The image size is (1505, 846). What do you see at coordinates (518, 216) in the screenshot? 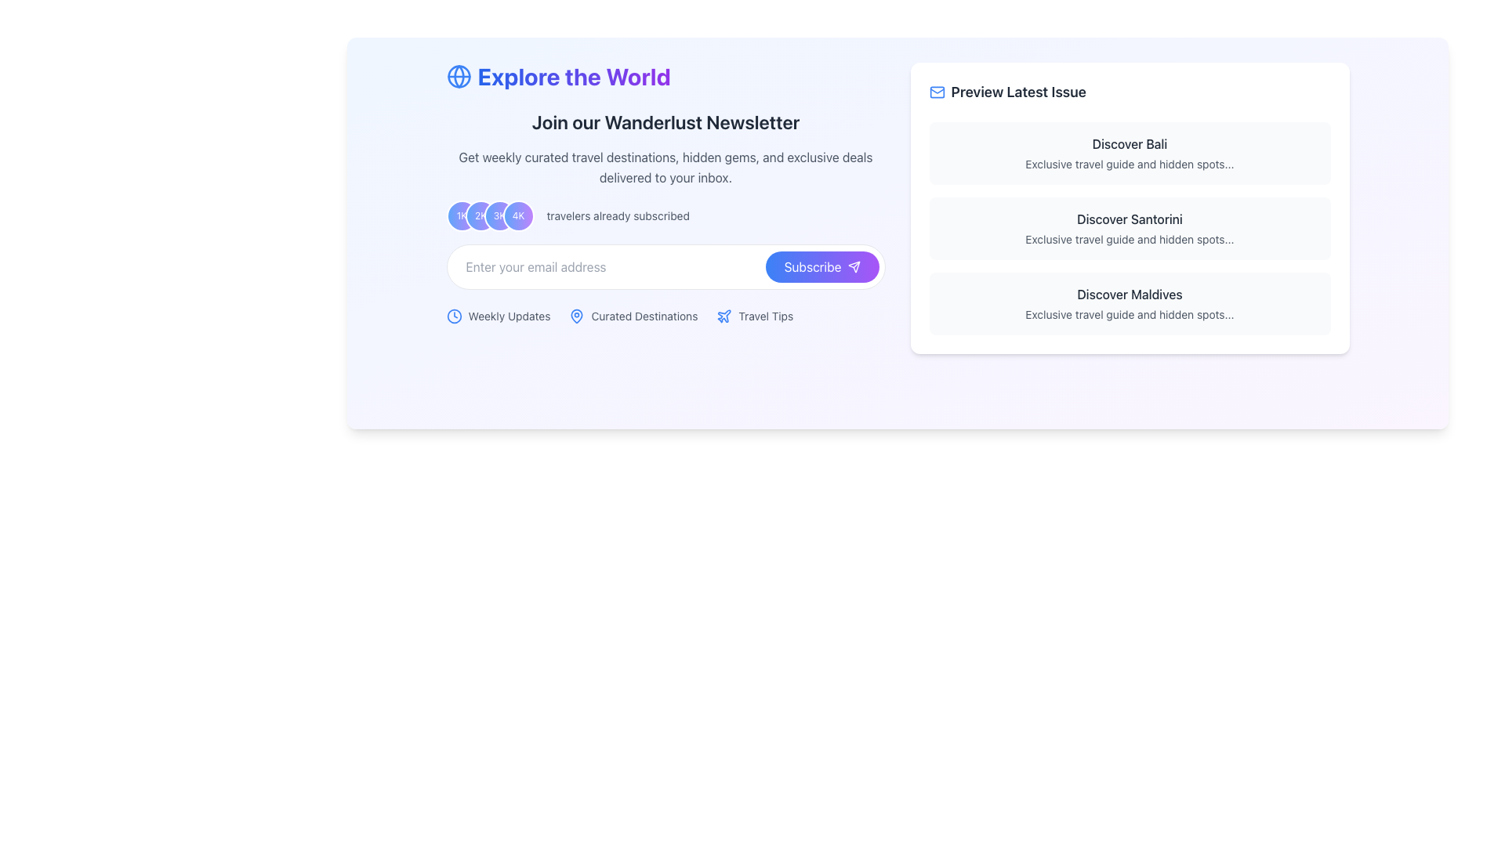
I see `the circular badge that displays '4K' with a gradient color from blue to purple, located above the email subscription input field` at bounding box center [518, 216].